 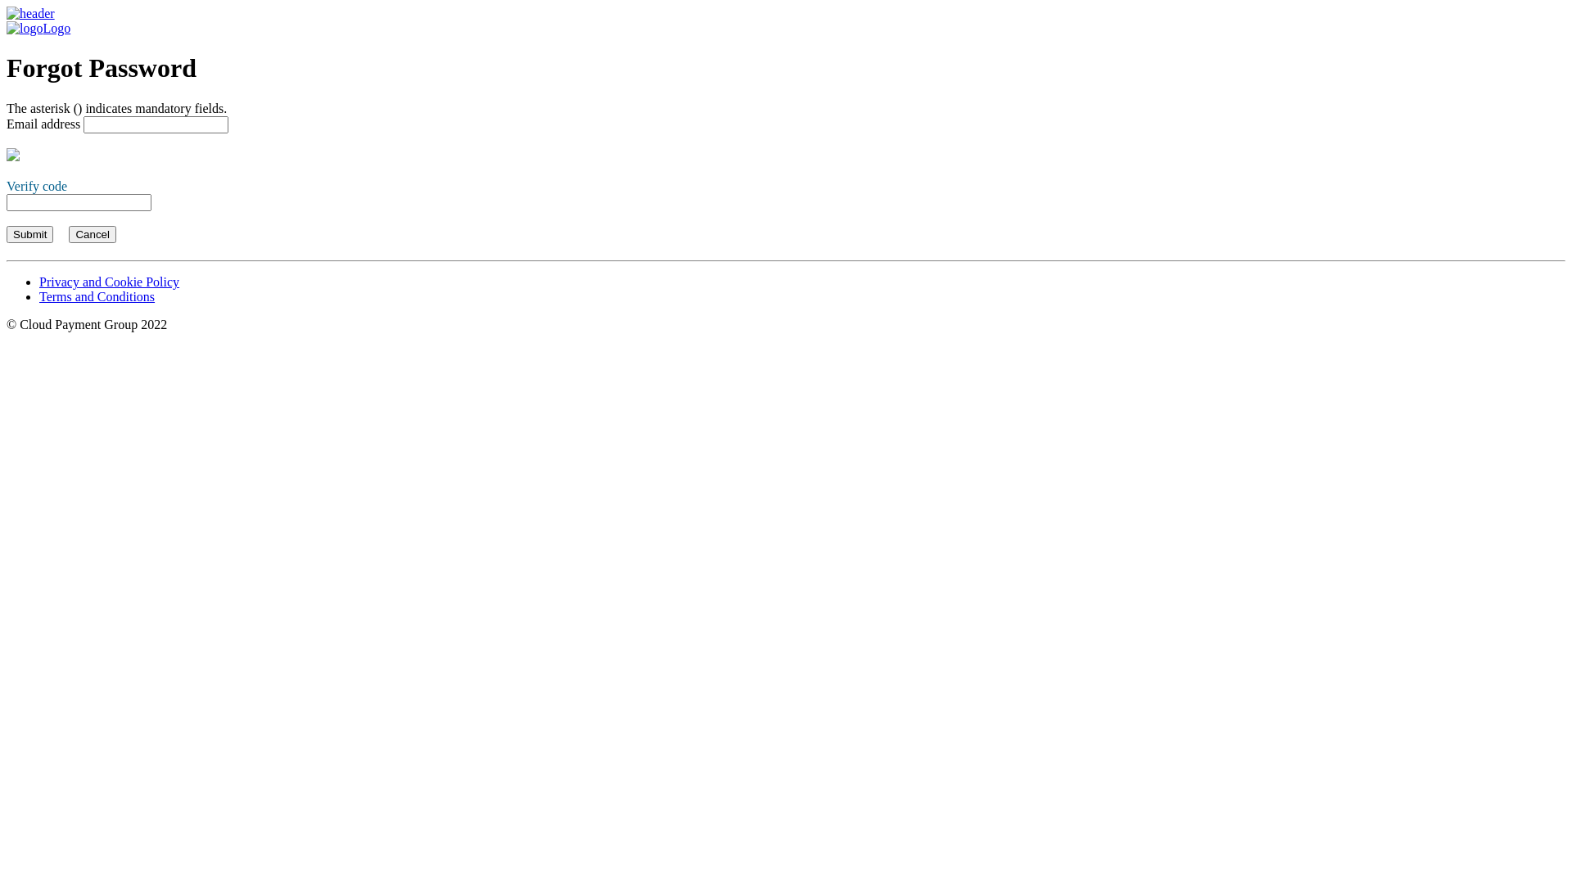 I want to click on 'Logo', so click(x=7, y=20).